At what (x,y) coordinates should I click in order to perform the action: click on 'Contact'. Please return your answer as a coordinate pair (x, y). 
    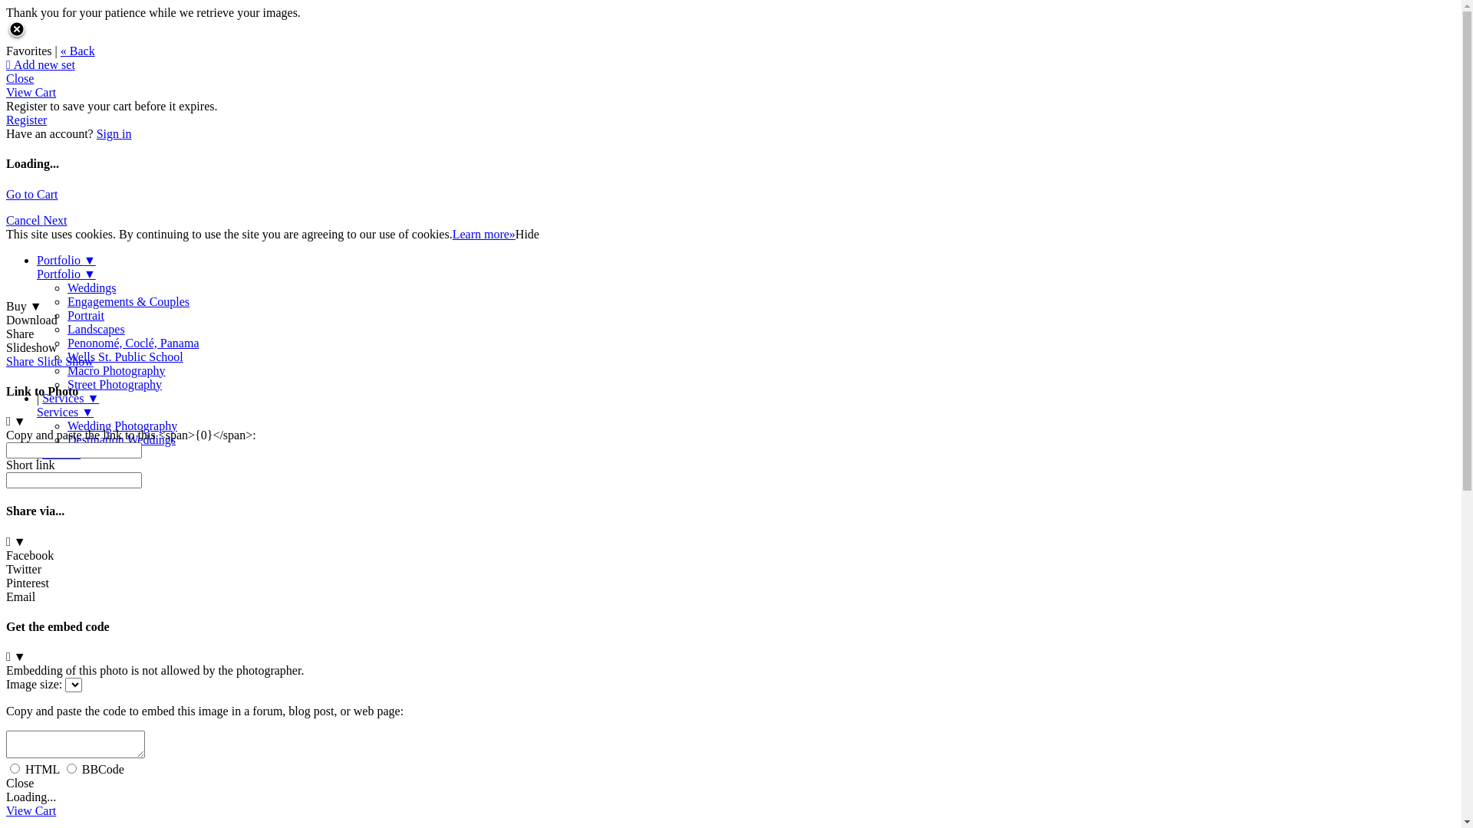
    Looking at the image, I should click on (61, 452).